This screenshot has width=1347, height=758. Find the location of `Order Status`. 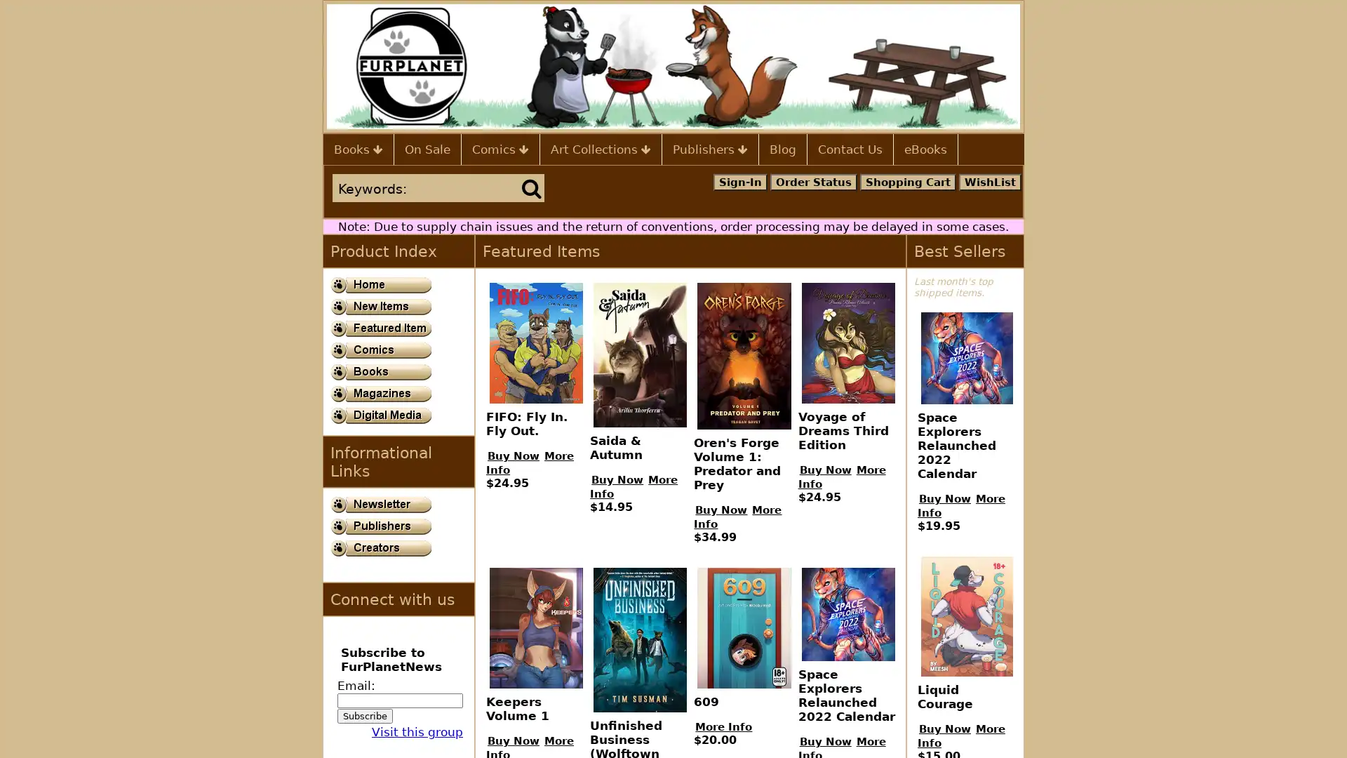

Order Status is located at coordinates (814, 180).